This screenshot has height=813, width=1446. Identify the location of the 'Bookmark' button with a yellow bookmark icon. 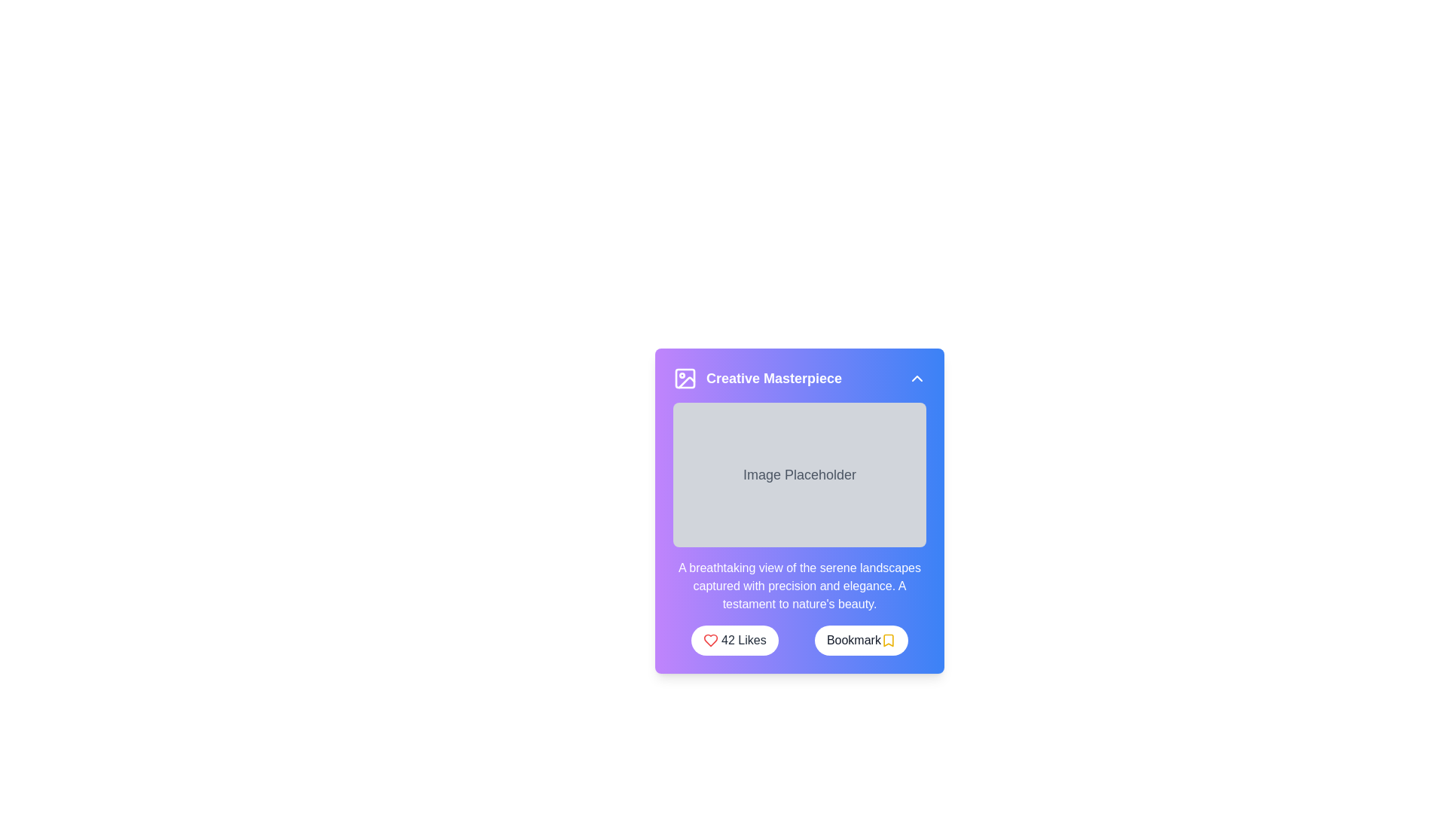
(861, 641).